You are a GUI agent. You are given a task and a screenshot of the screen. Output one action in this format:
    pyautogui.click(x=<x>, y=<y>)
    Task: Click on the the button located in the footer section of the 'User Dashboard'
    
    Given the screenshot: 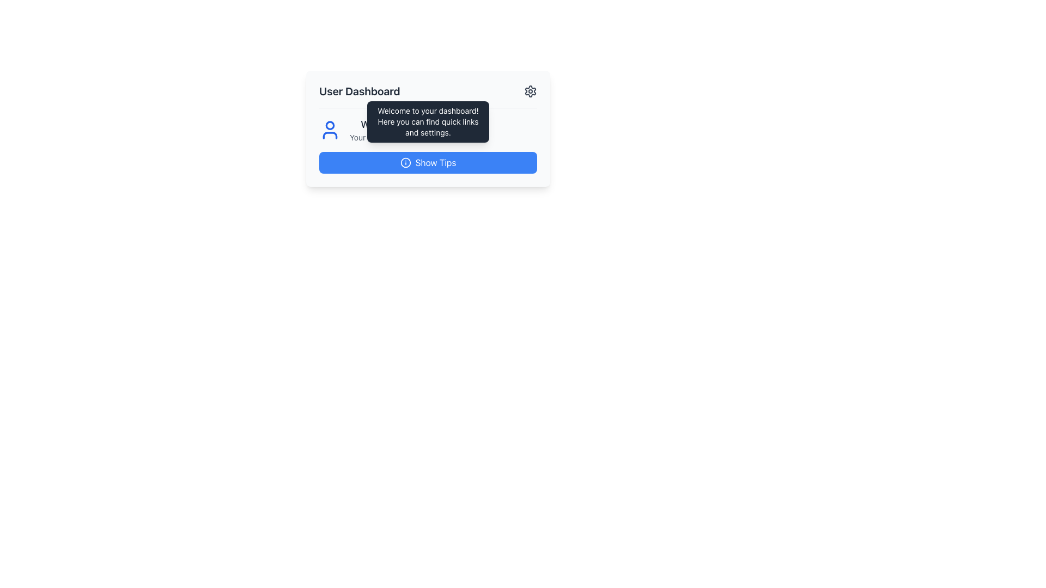 What is the action you would take?
    pyautogui.click(x=428, y=163)
    